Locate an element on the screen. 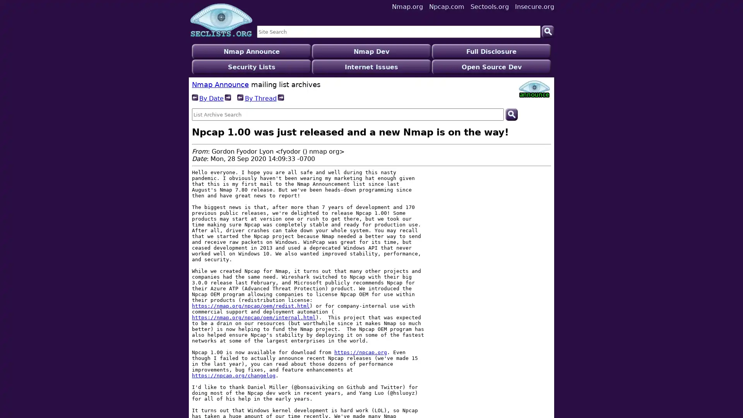  Search is located at coordinates (511, 98).